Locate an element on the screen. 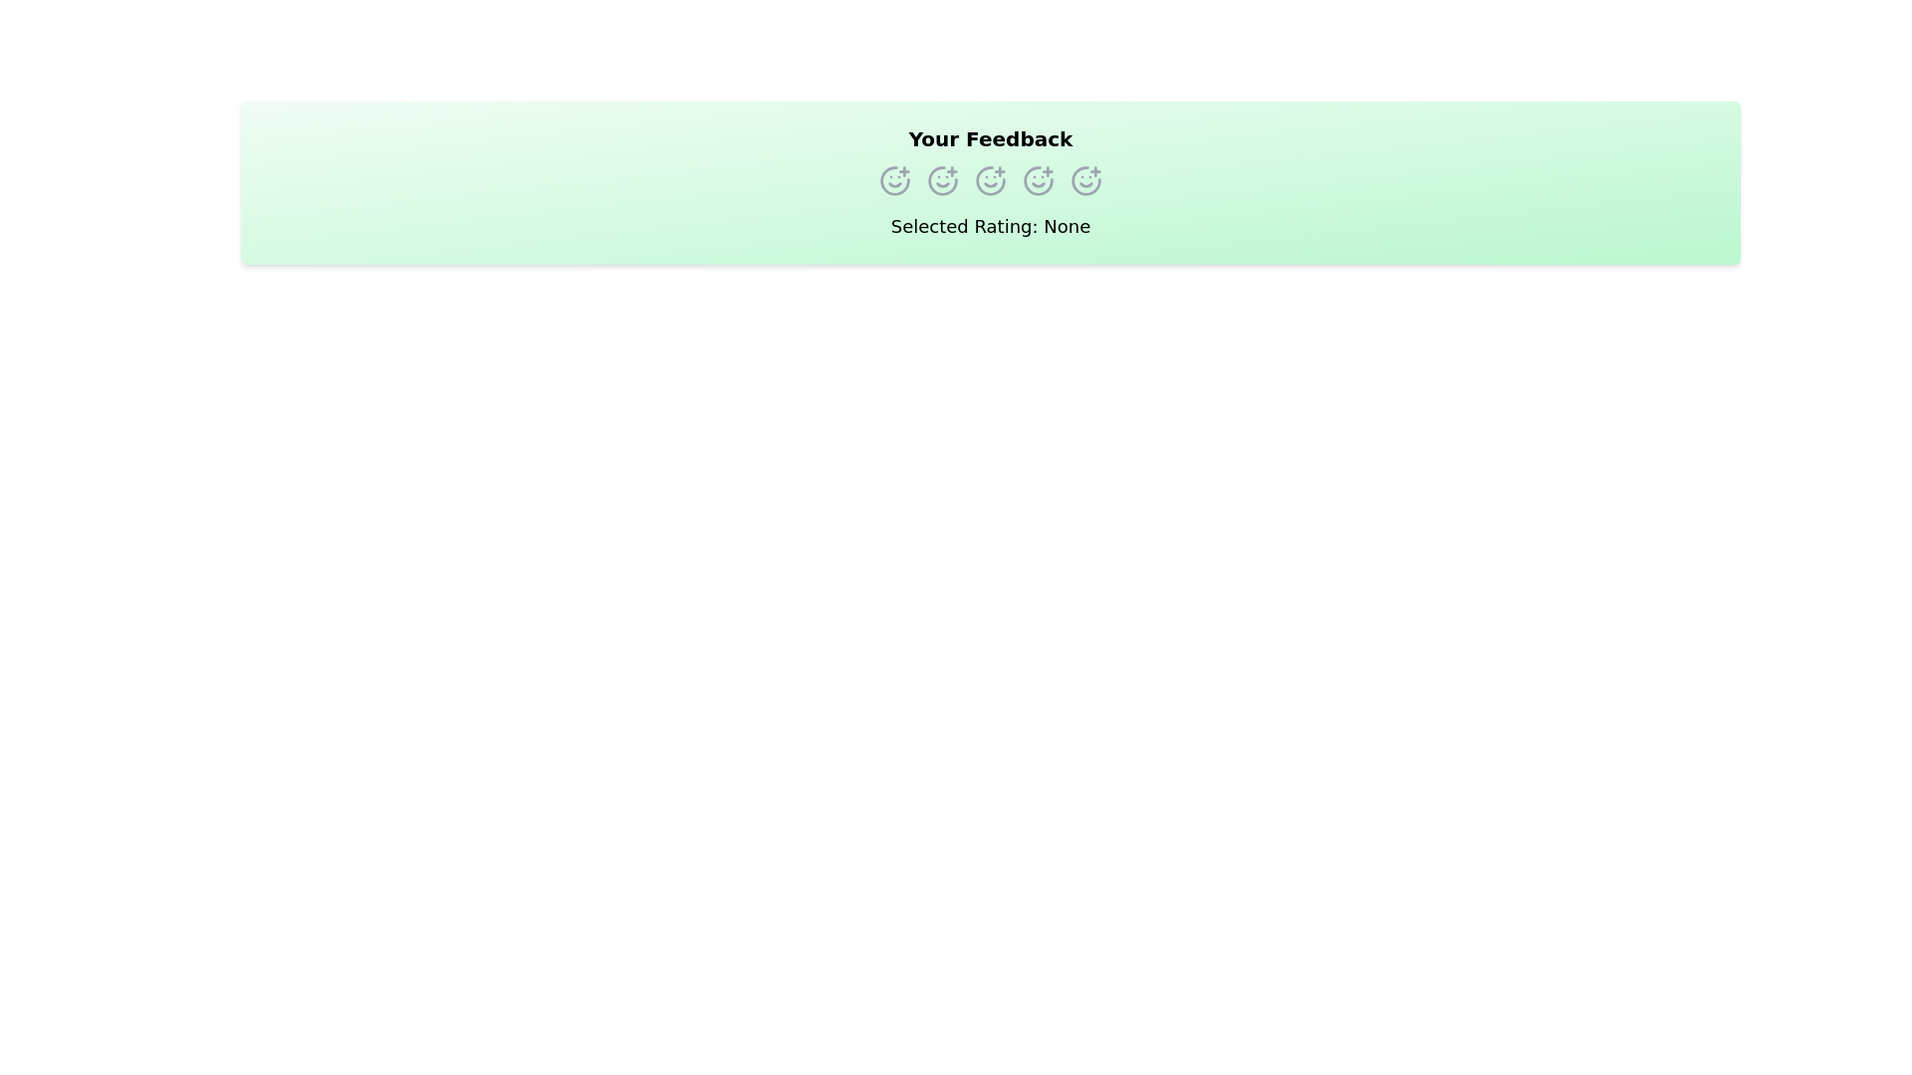 This screenshot has height=1075, width=1912. the rating option corresponding to 2 stars is located at coordinates (941, 180).